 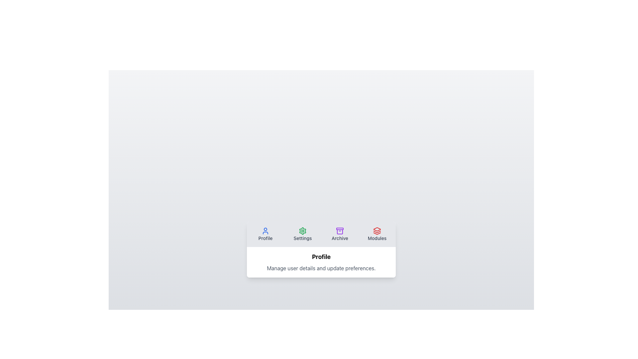 I want to click on the 'Modules' text label in the bottom horizontal menu bar, which is the last tab with a red icon above it, so click(x=377, y=238).